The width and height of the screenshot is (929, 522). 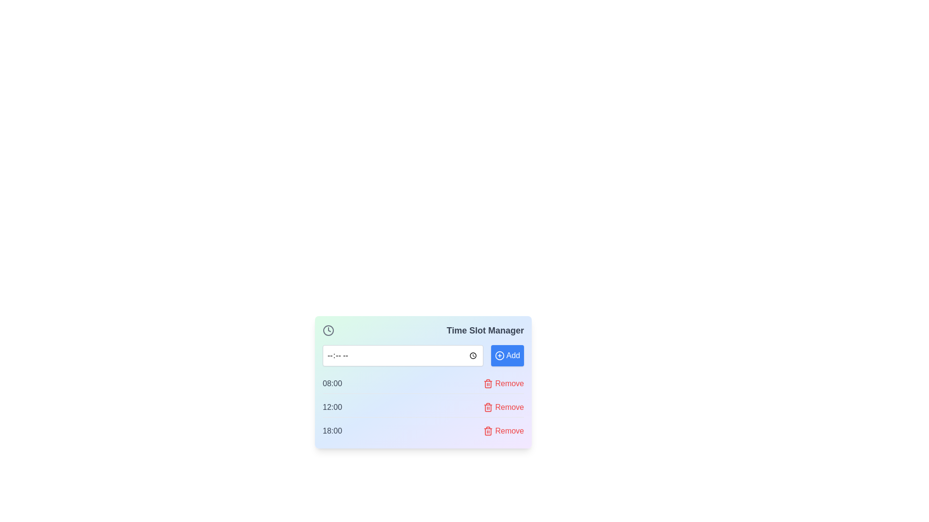 I want to click on the red trash bin icon adjacent to the 'Remove' text in the second row of the 'Time Slot Manager' interface, so click(x=488, y=407).